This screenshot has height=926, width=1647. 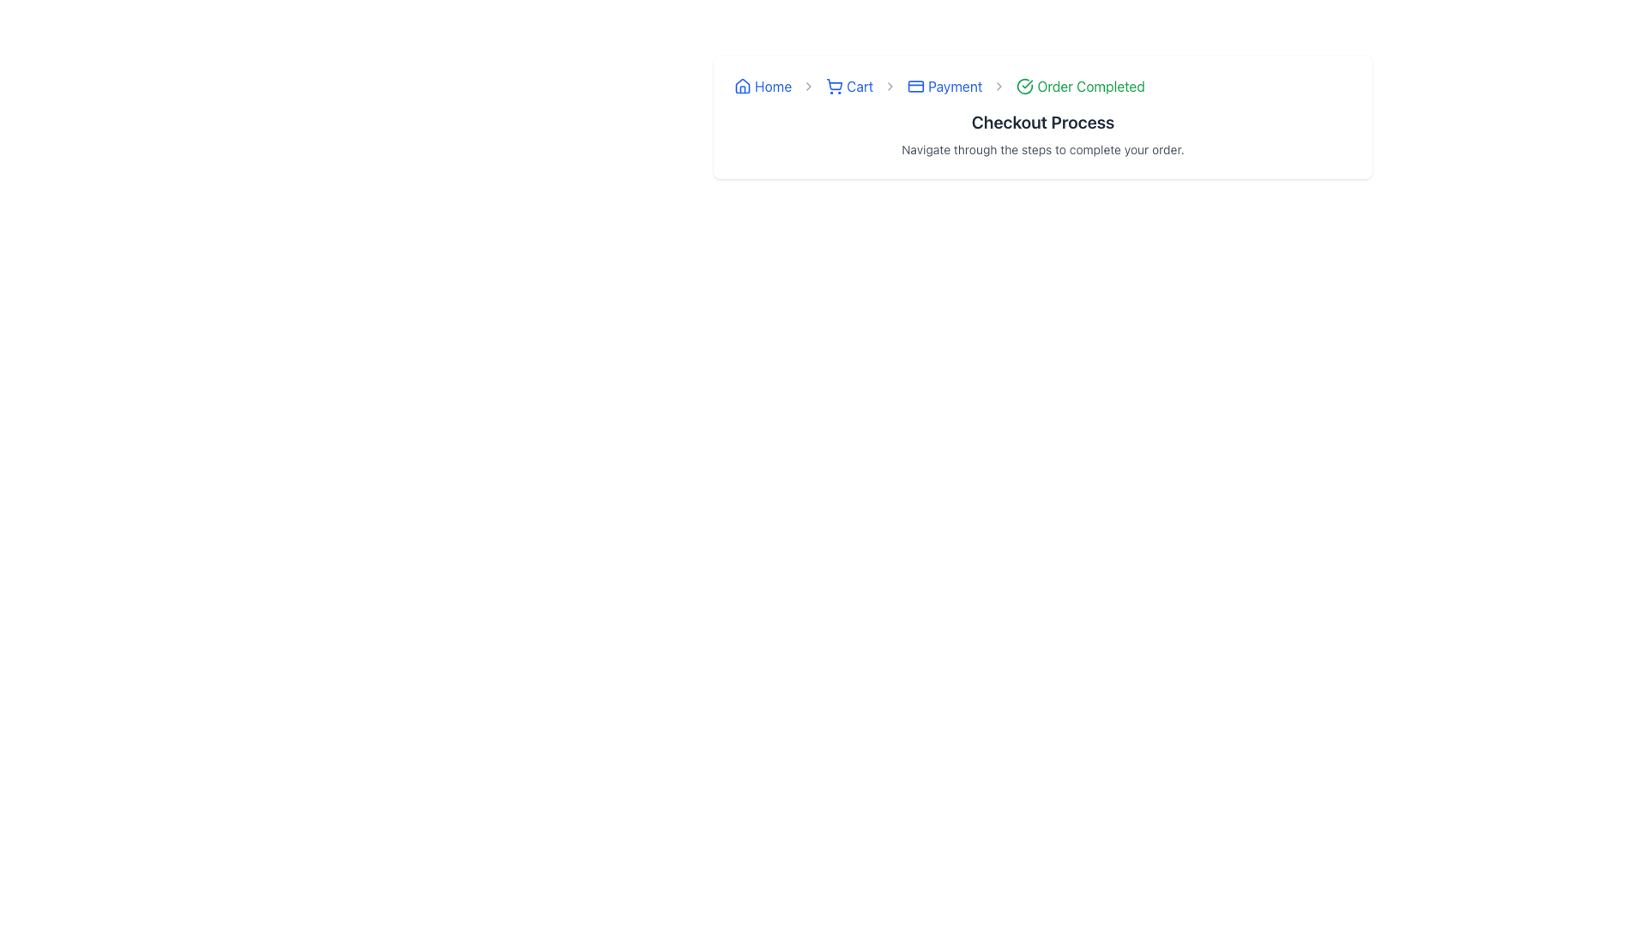 I want to click on the 'Order Completed' icon, so click(x=1025, y=86).